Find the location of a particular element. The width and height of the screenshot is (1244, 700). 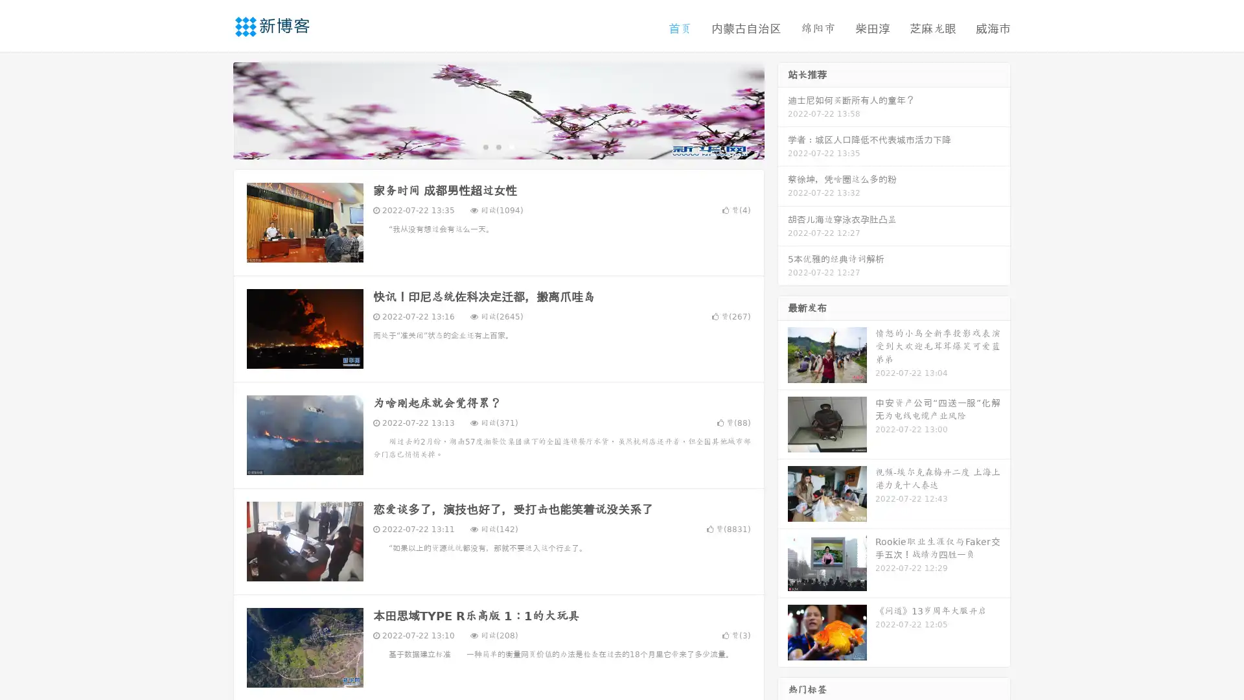

Next slide is located at coordinates (783, 109).